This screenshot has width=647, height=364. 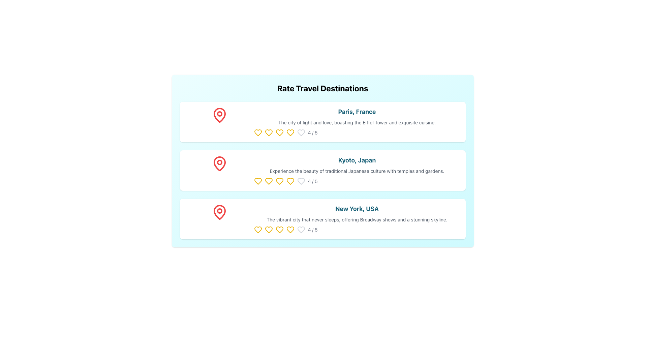 I want to click on the main content block of the destination card for 'New York, USA', which is the third card from the top in the vertical list of destination cards, for further actions or navigation, so click(x=357, y=219).